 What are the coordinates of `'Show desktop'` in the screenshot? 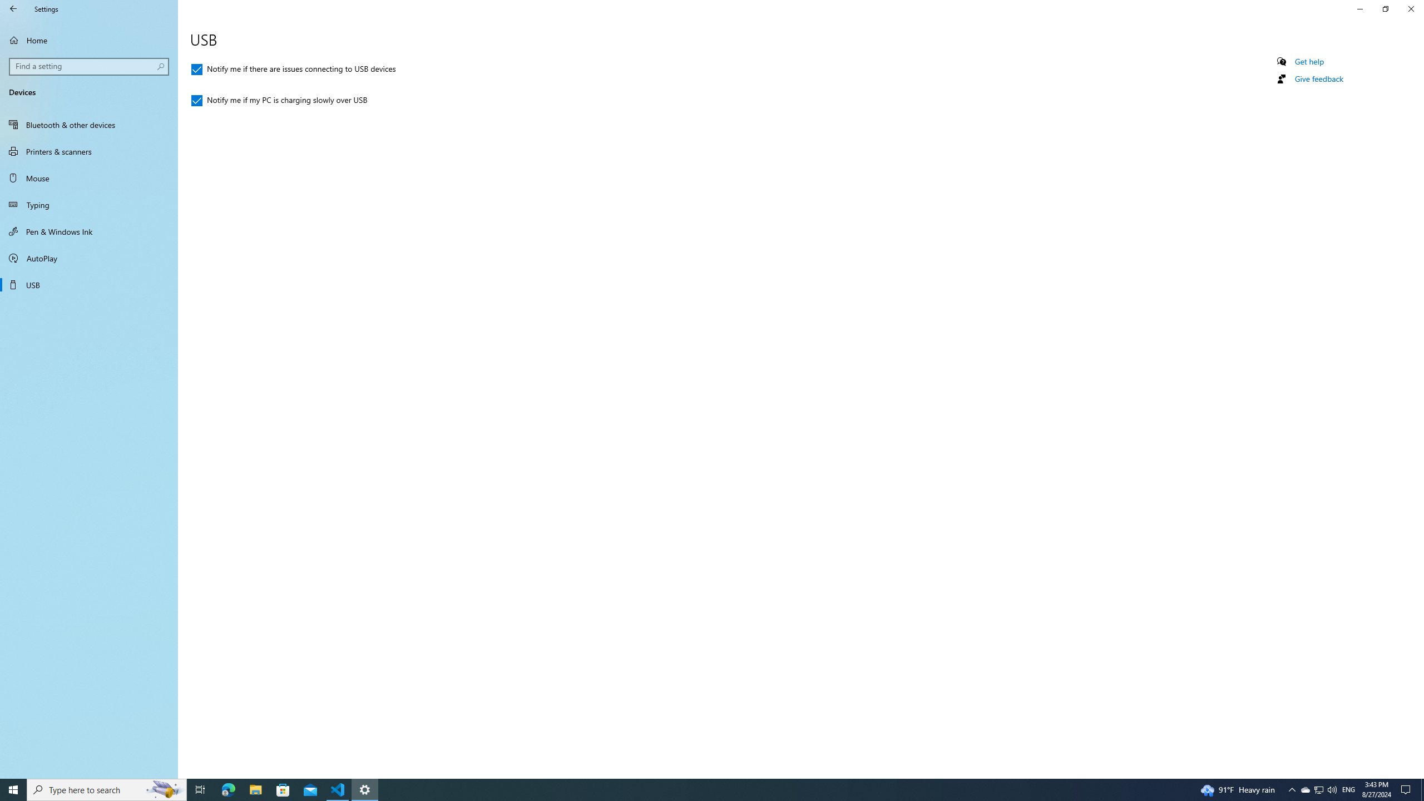 It's located at (1422, 789).